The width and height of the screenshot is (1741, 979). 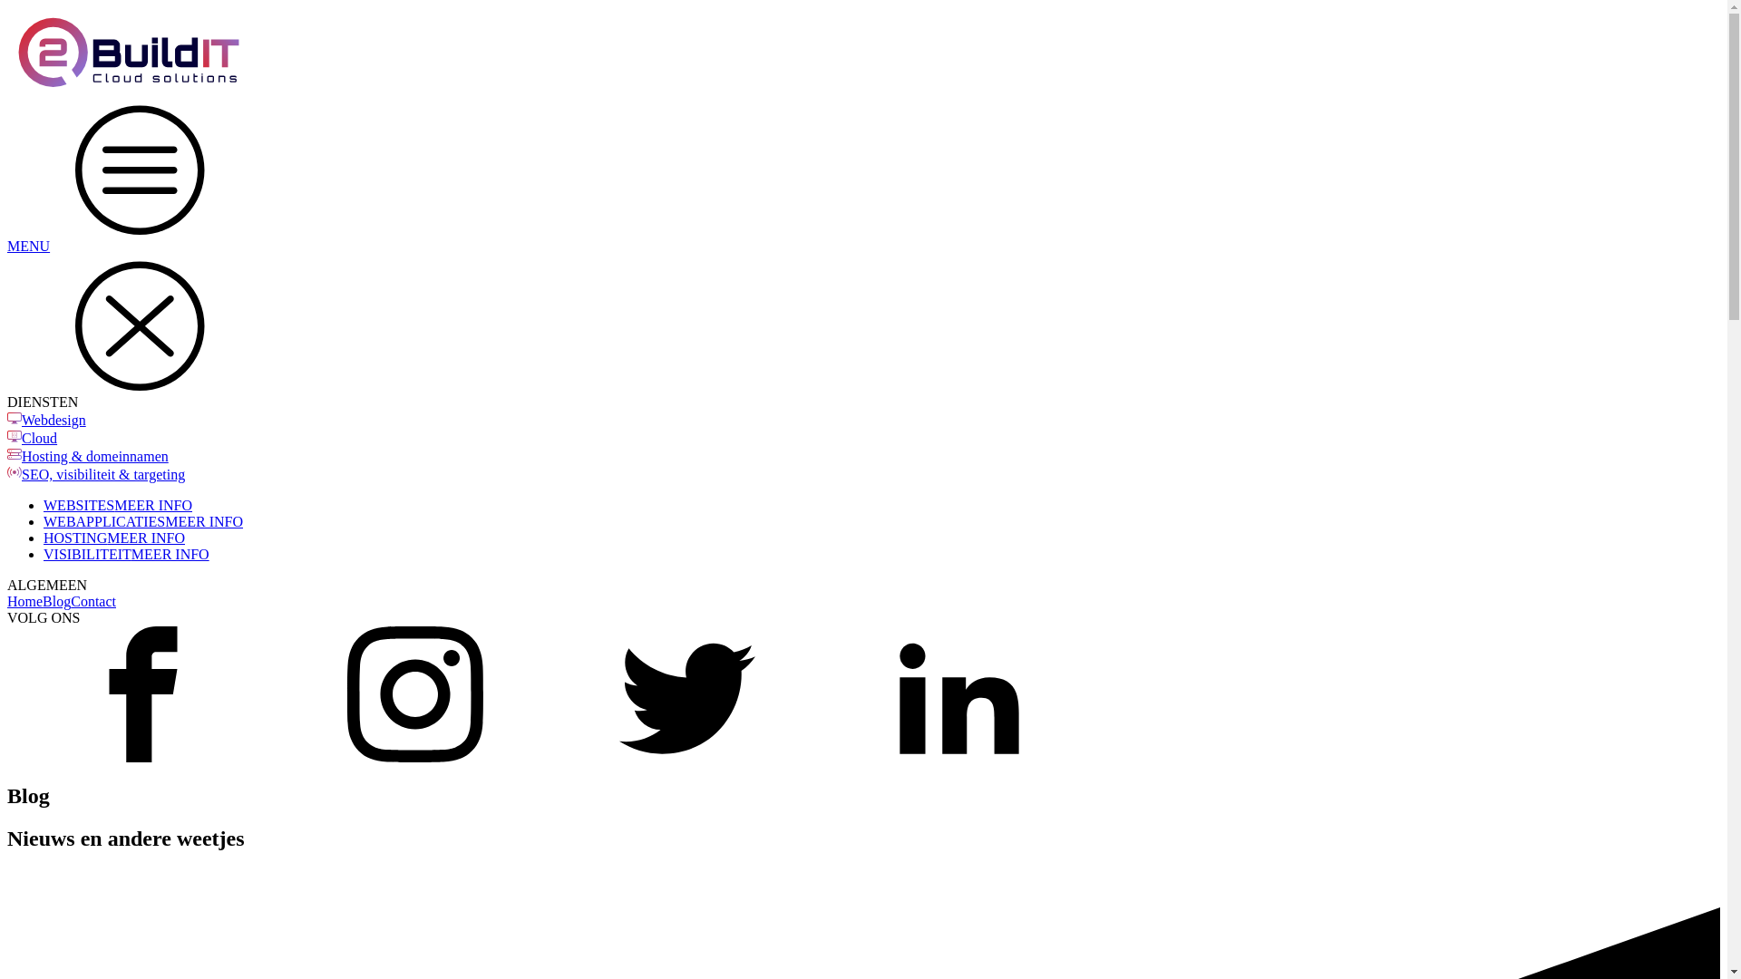 I want to click on 'VISIBILITEIT', so click(x=86, y=553).